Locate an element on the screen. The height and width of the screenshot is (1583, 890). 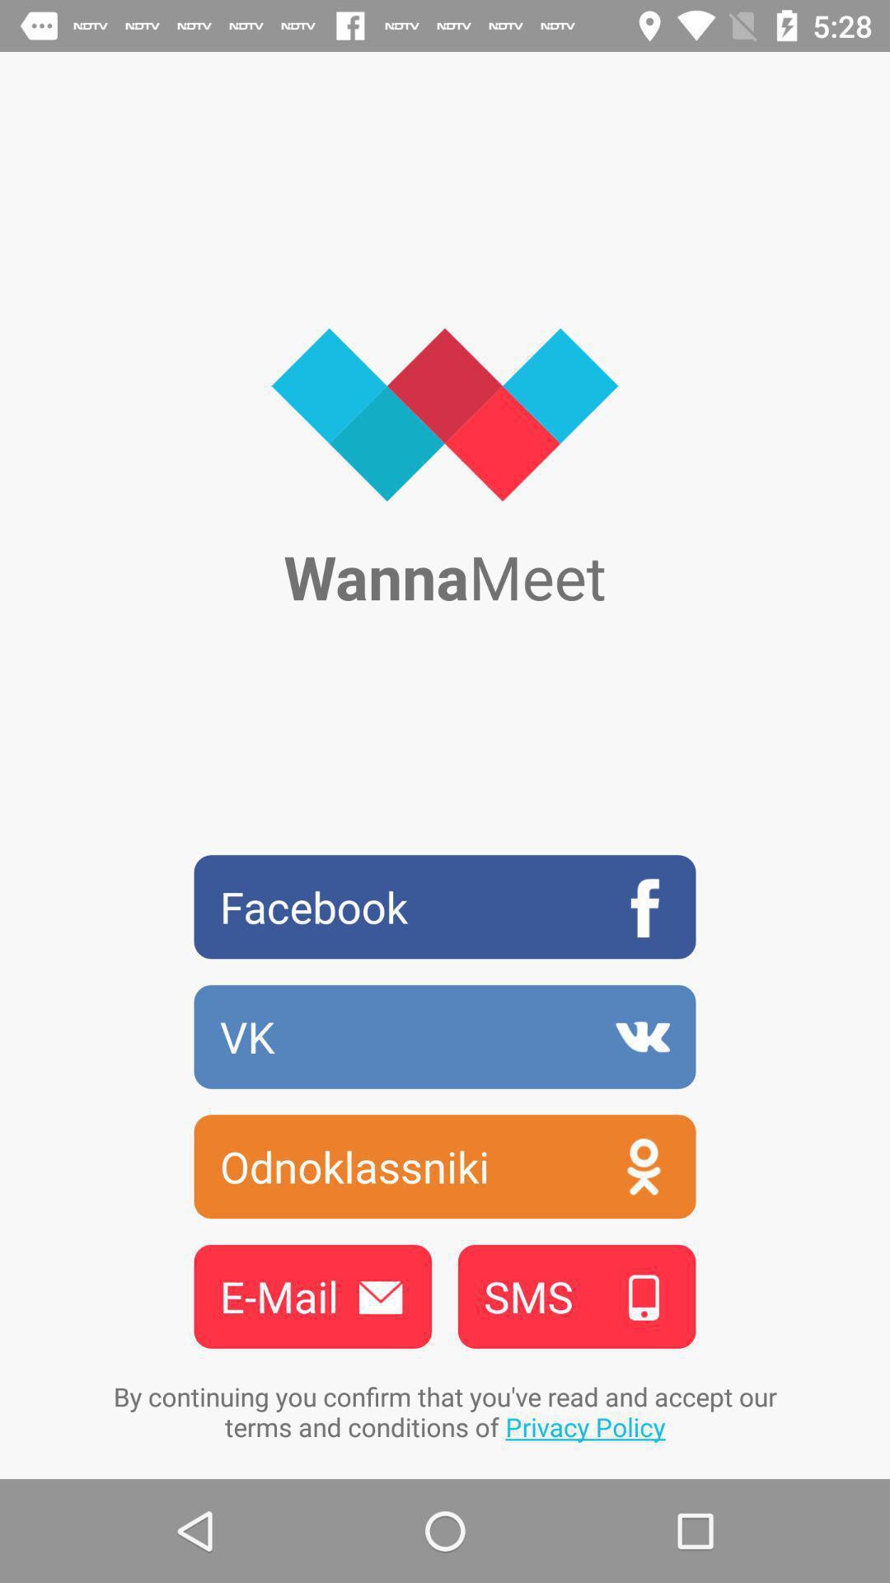
the item below wannameet icon is located at coordinates (445, 906).